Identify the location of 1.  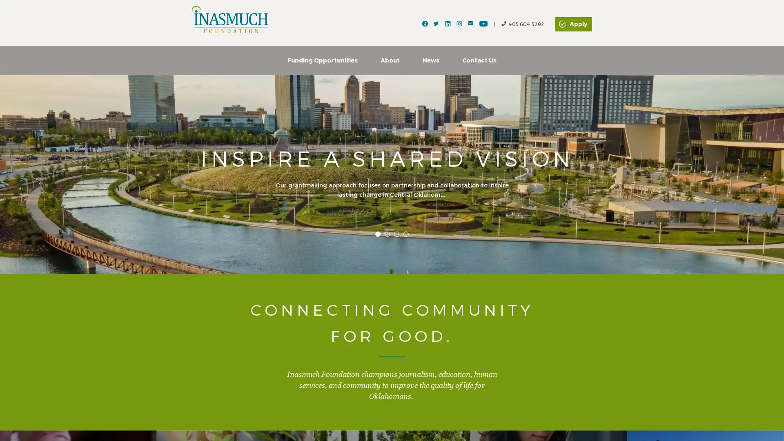
(377, 234).